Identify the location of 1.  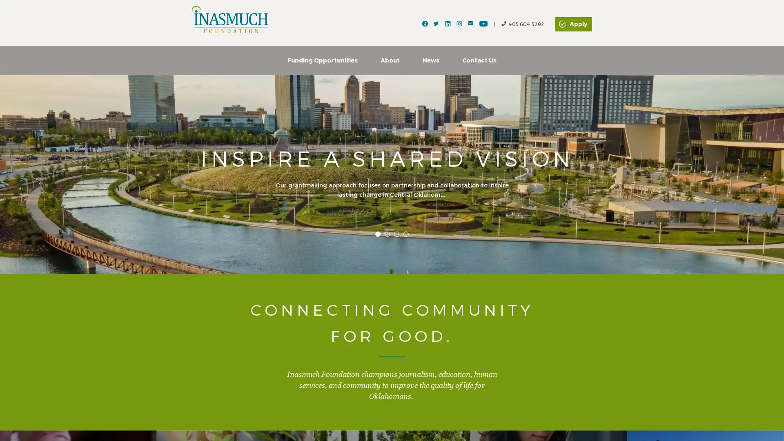
(377, 234).